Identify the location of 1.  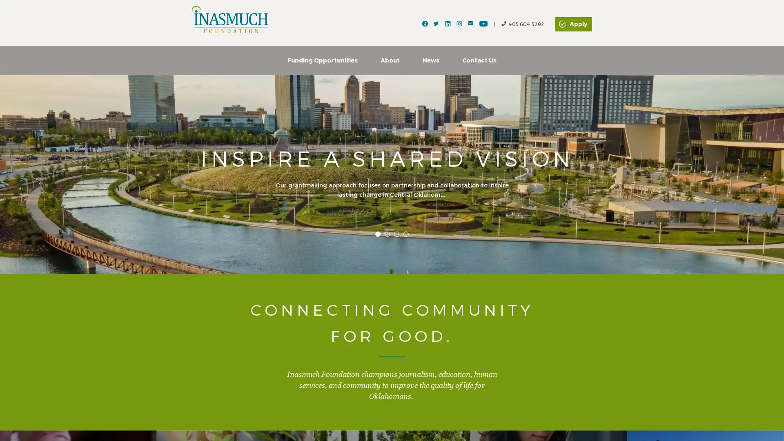
(377, 234).